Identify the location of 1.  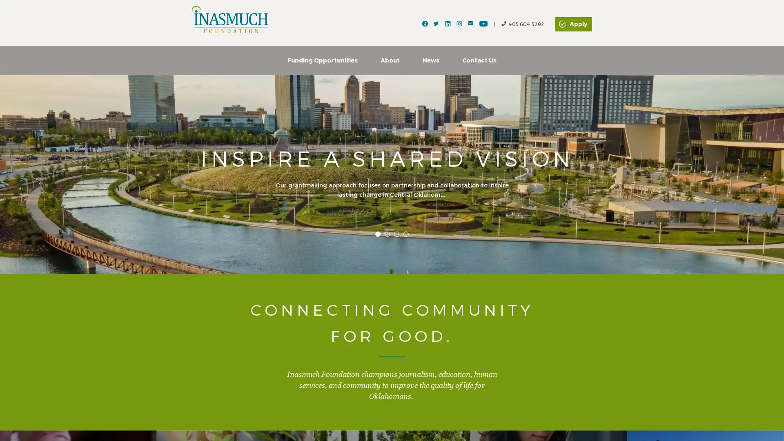
(377, 234).